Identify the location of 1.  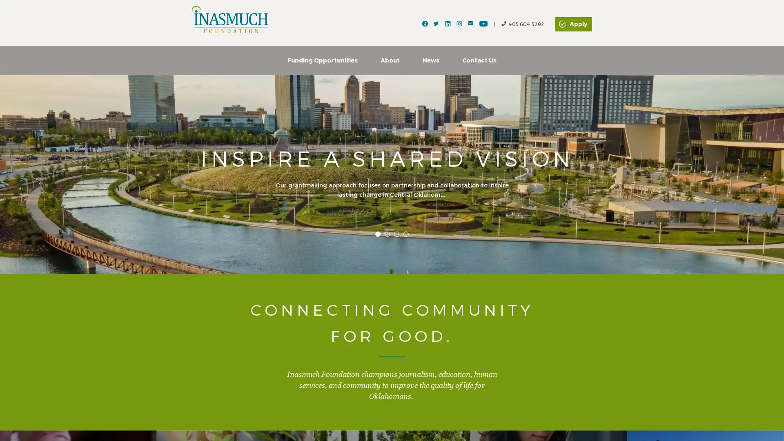
(377, 234).